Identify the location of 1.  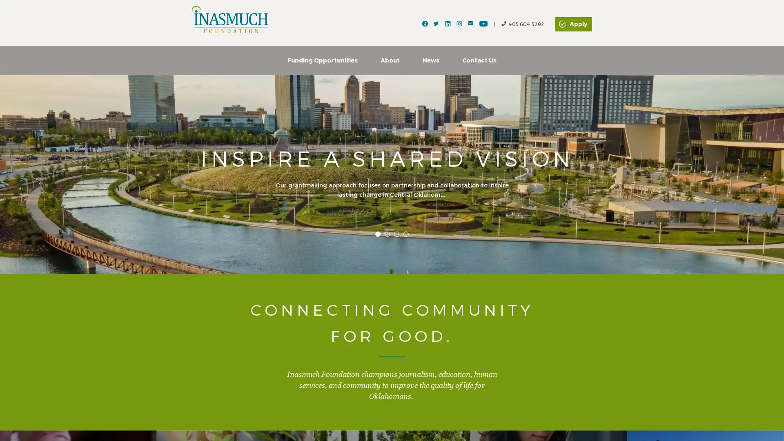
(377, 234).